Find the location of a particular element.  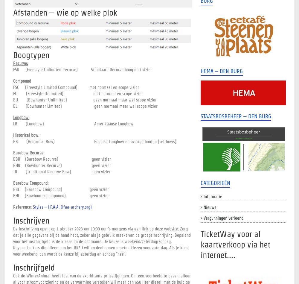

'Inschrijven' is located at coordinates (13, 220).